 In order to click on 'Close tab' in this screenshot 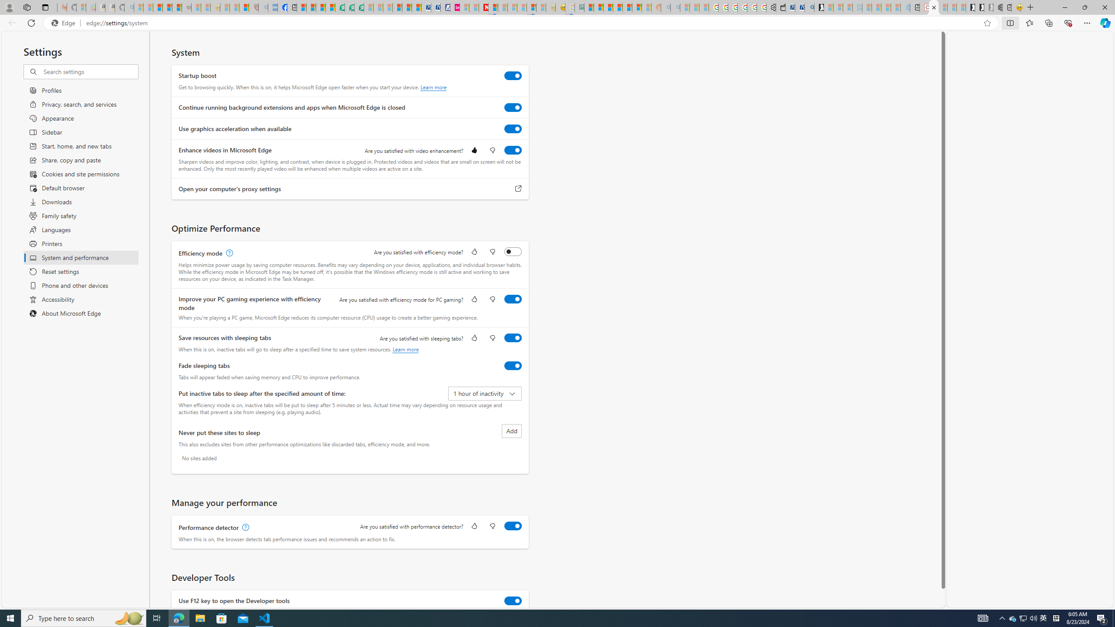, I will do `click(934, 7)`.